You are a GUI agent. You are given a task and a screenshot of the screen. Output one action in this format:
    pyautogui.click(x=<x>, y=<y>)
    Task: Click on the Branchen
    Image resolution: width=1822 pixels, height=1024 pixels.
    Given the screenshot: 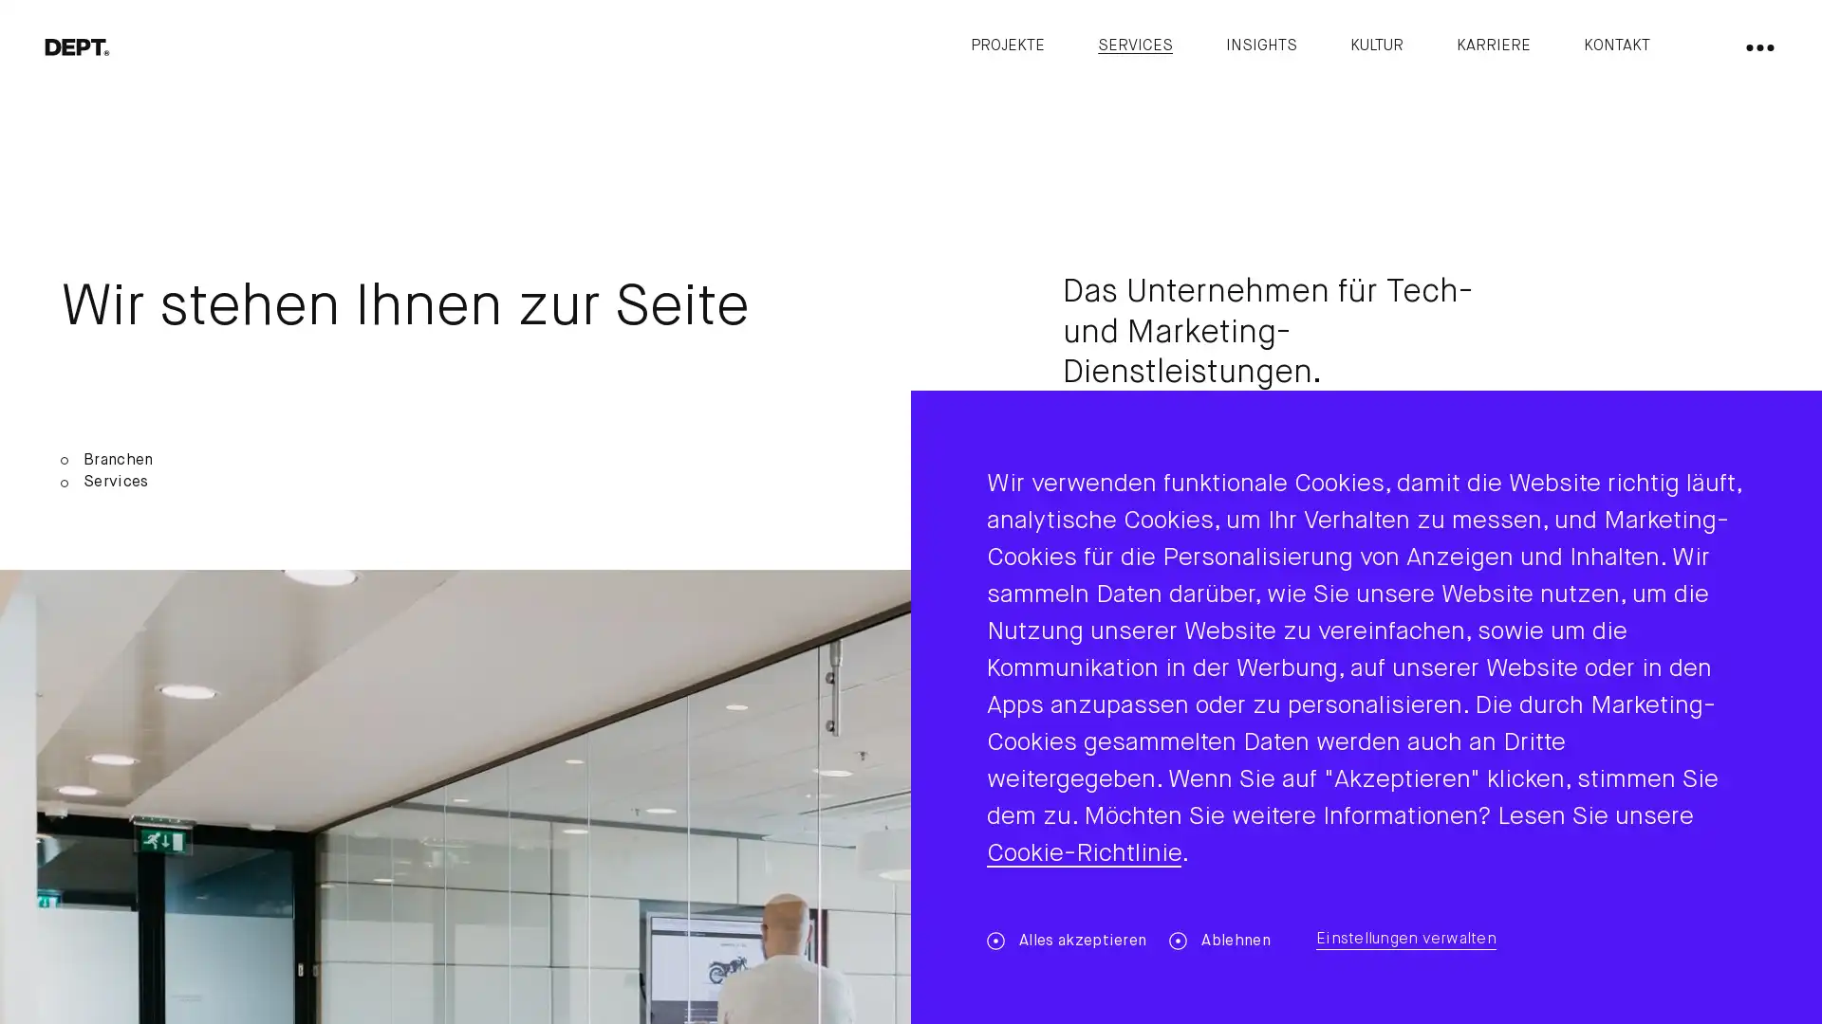 What is the action you would take?
    pyautogui.click(x=486, y=461)
    